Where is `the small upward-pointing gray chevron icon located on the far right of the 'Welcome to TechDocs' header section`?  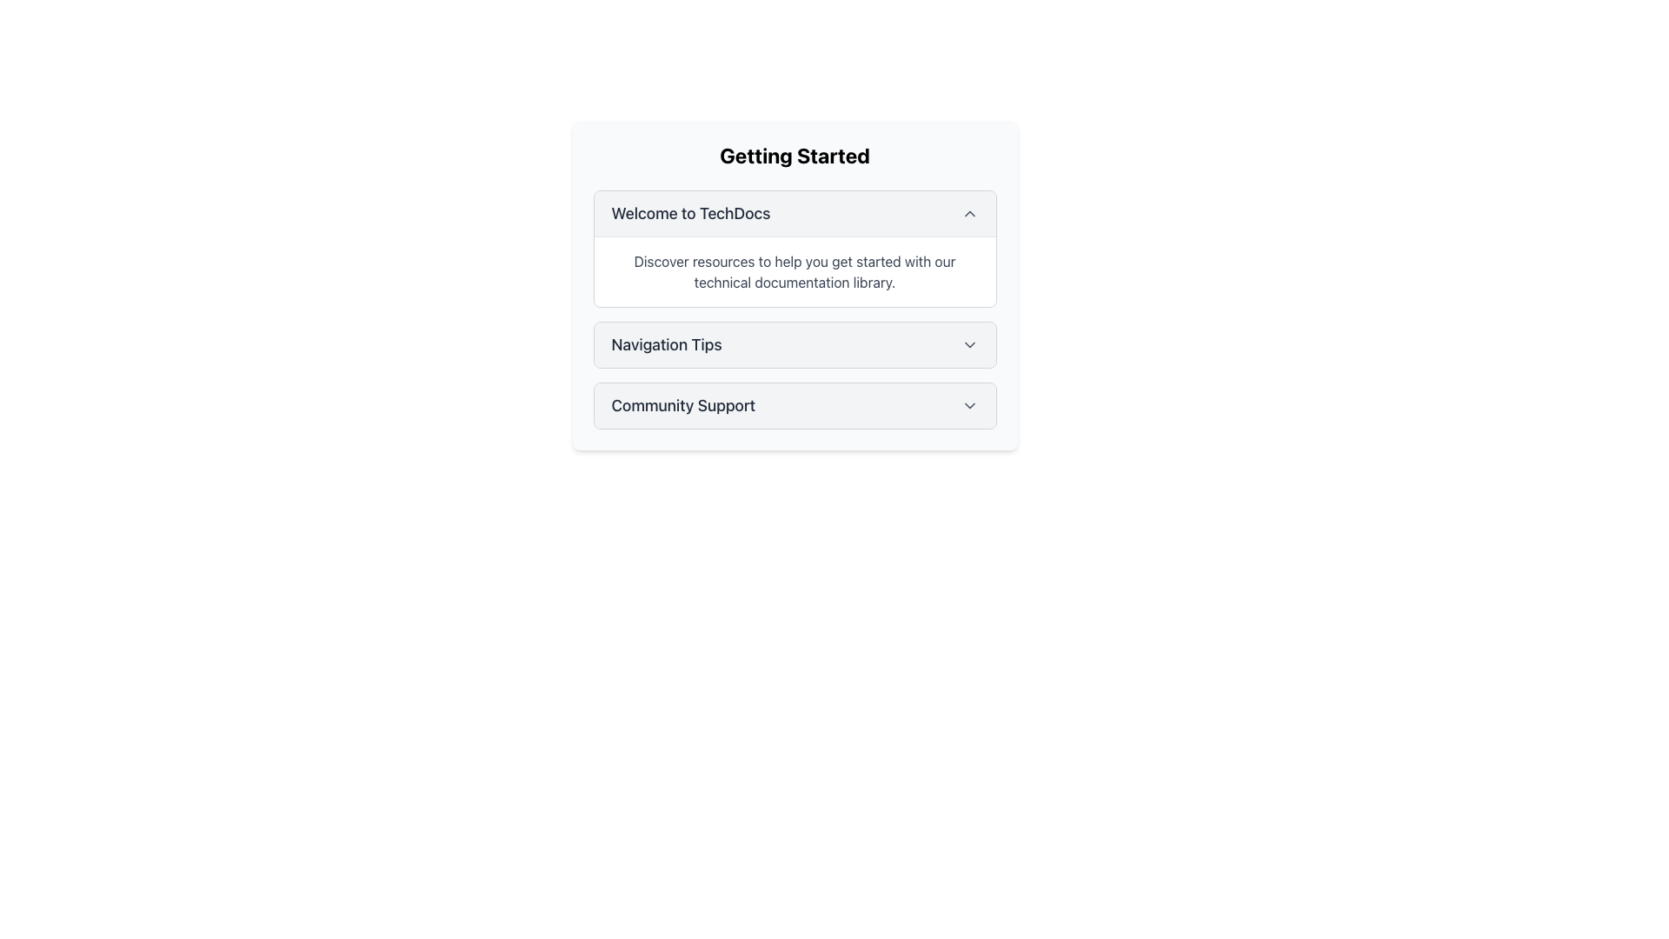
the small upward-pointing gray chevron icon located on the far right of the 'Welcome to TechDocs' header section is located at coordinates (968, 213).